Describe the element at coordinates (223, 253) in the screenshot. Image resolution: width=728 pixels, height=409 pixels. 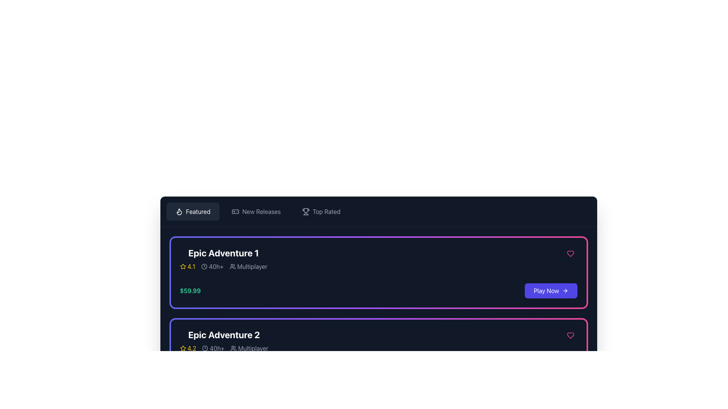
I see `the text label that serves as the title for a card component, located at the top of the card describing an item` at that location.